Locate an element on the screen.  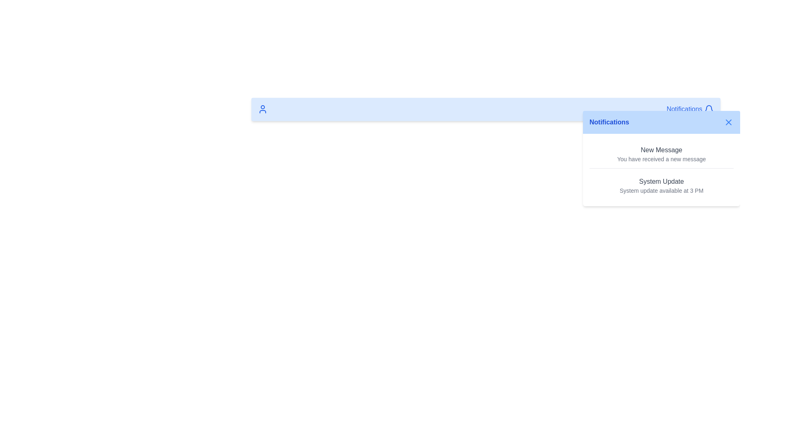
the 'Notifications' interactive text element styled in blue with a bell icon is located at coordinates (690, 109).